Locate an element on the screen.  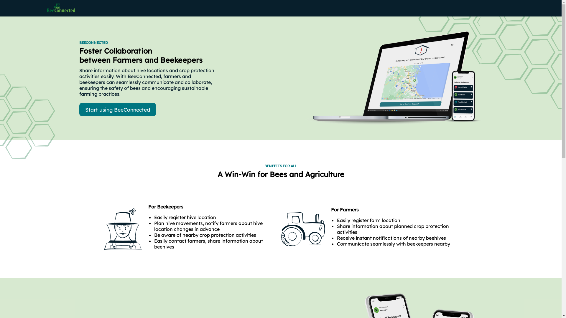
'Start using BeeConnected' is located at coordinates (117, 109).